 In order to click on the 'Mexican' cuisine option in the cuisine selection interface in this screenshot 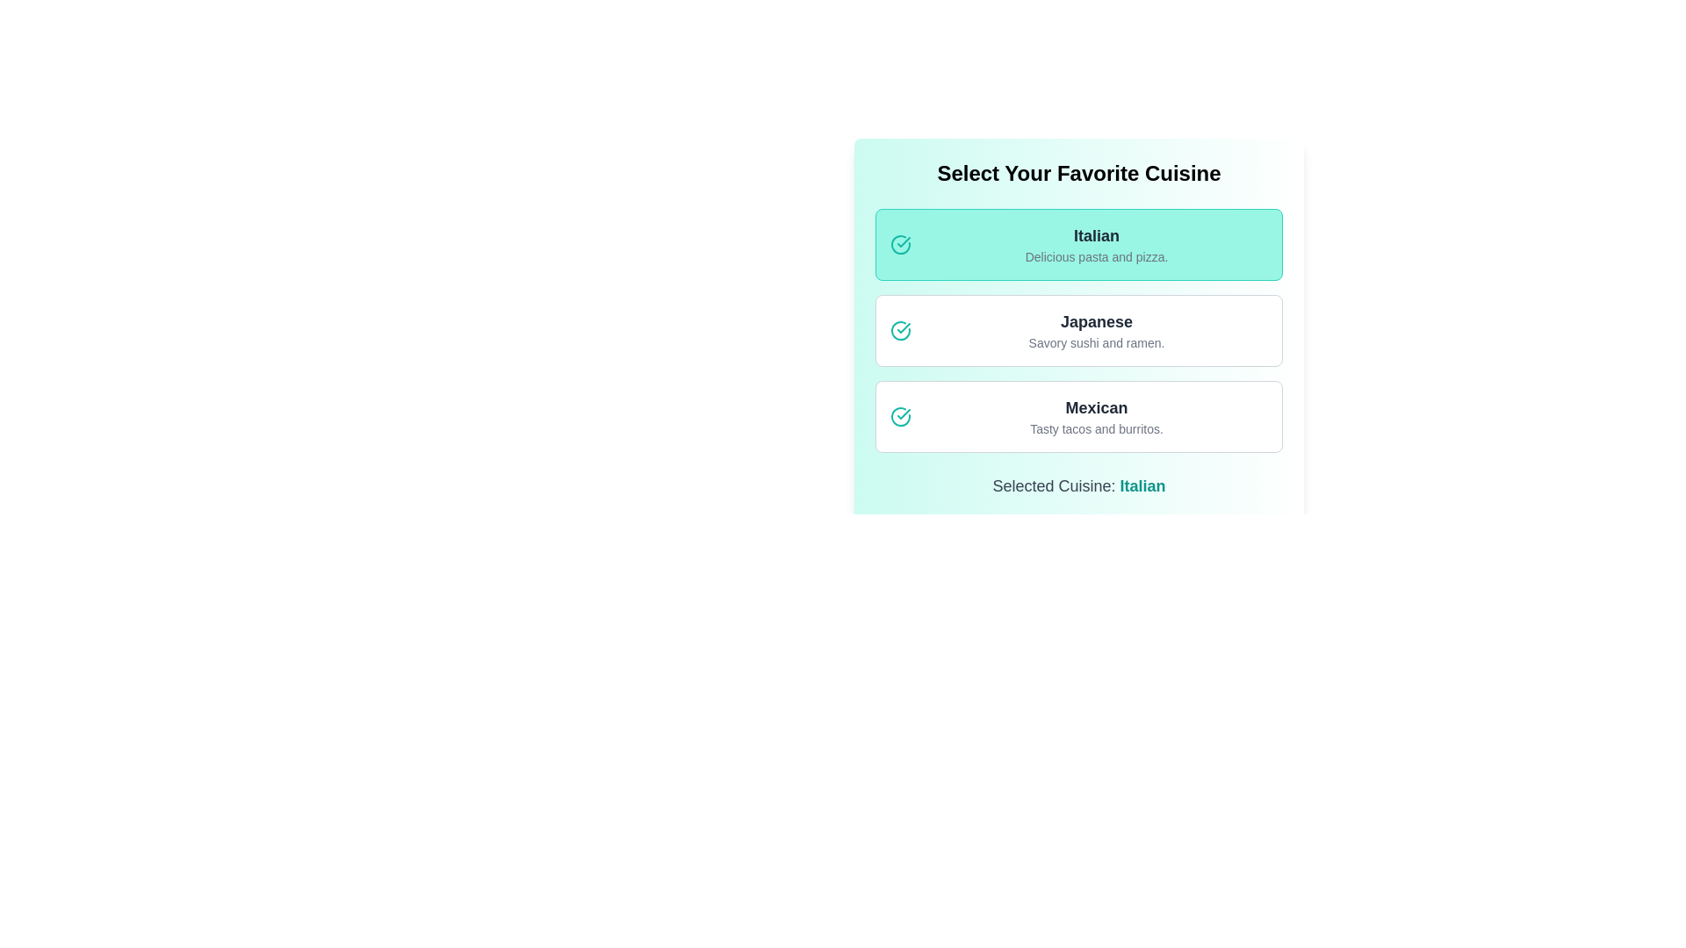, I will do `click(1077, 416)`.